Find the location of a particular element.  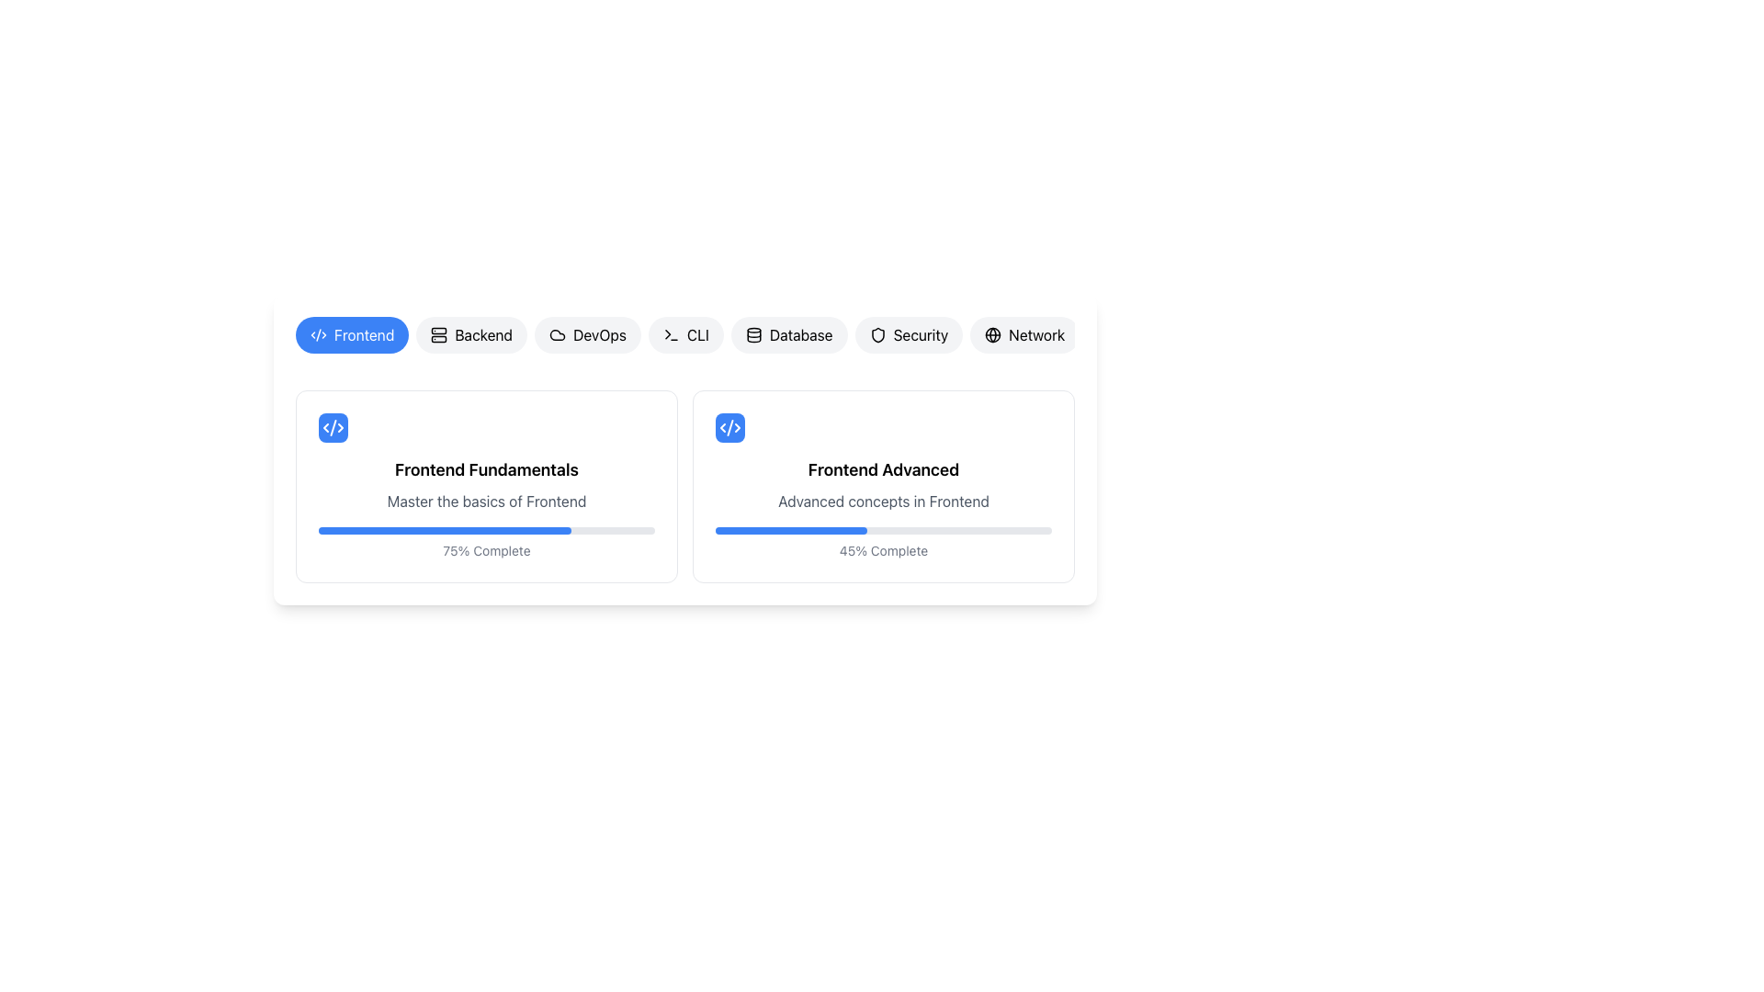

the 'DevOps' category button is located at coordinates (586, 335).